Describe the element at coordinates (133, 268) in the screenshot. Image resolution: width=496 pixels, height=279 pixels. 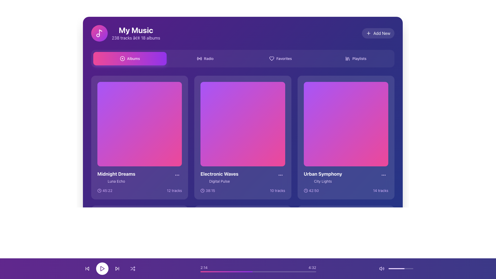
I see `the 'Shuffle' button located at the rightmost position in the row of music controls` at that location.